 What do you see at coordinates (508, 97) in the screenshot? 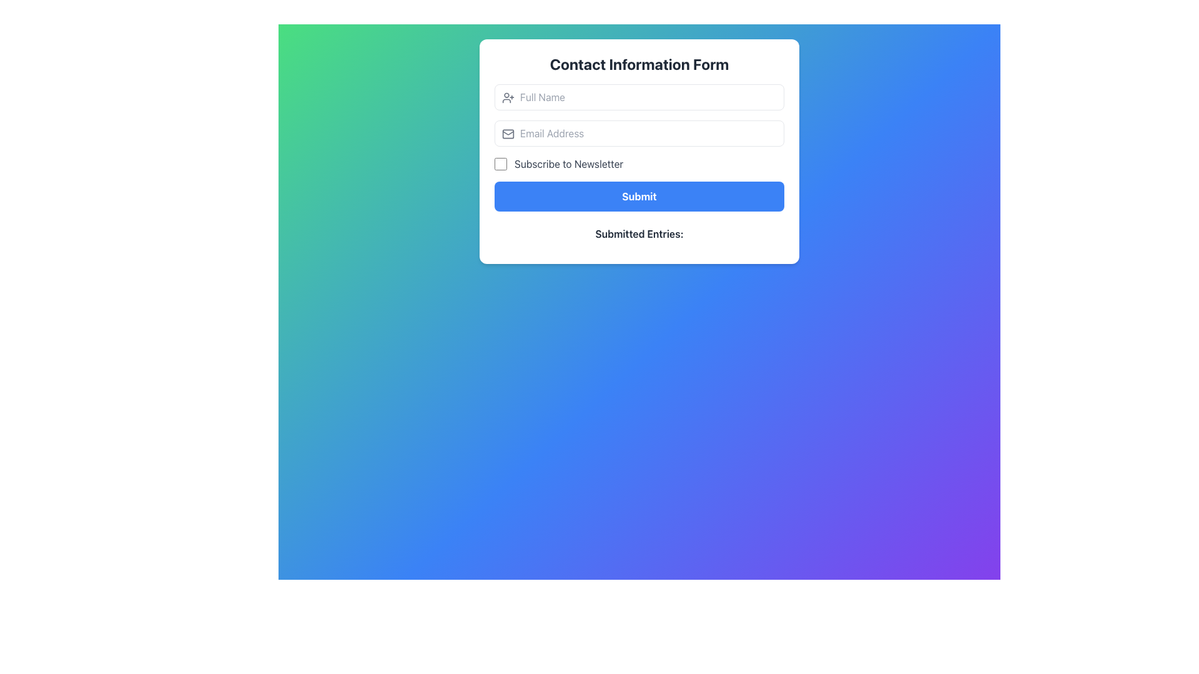
I see `the user icon with a plus sign located inside the 'Full Name' input field, styled in gray and positioned on the left side of the input box` at bounding box center [508, 97].